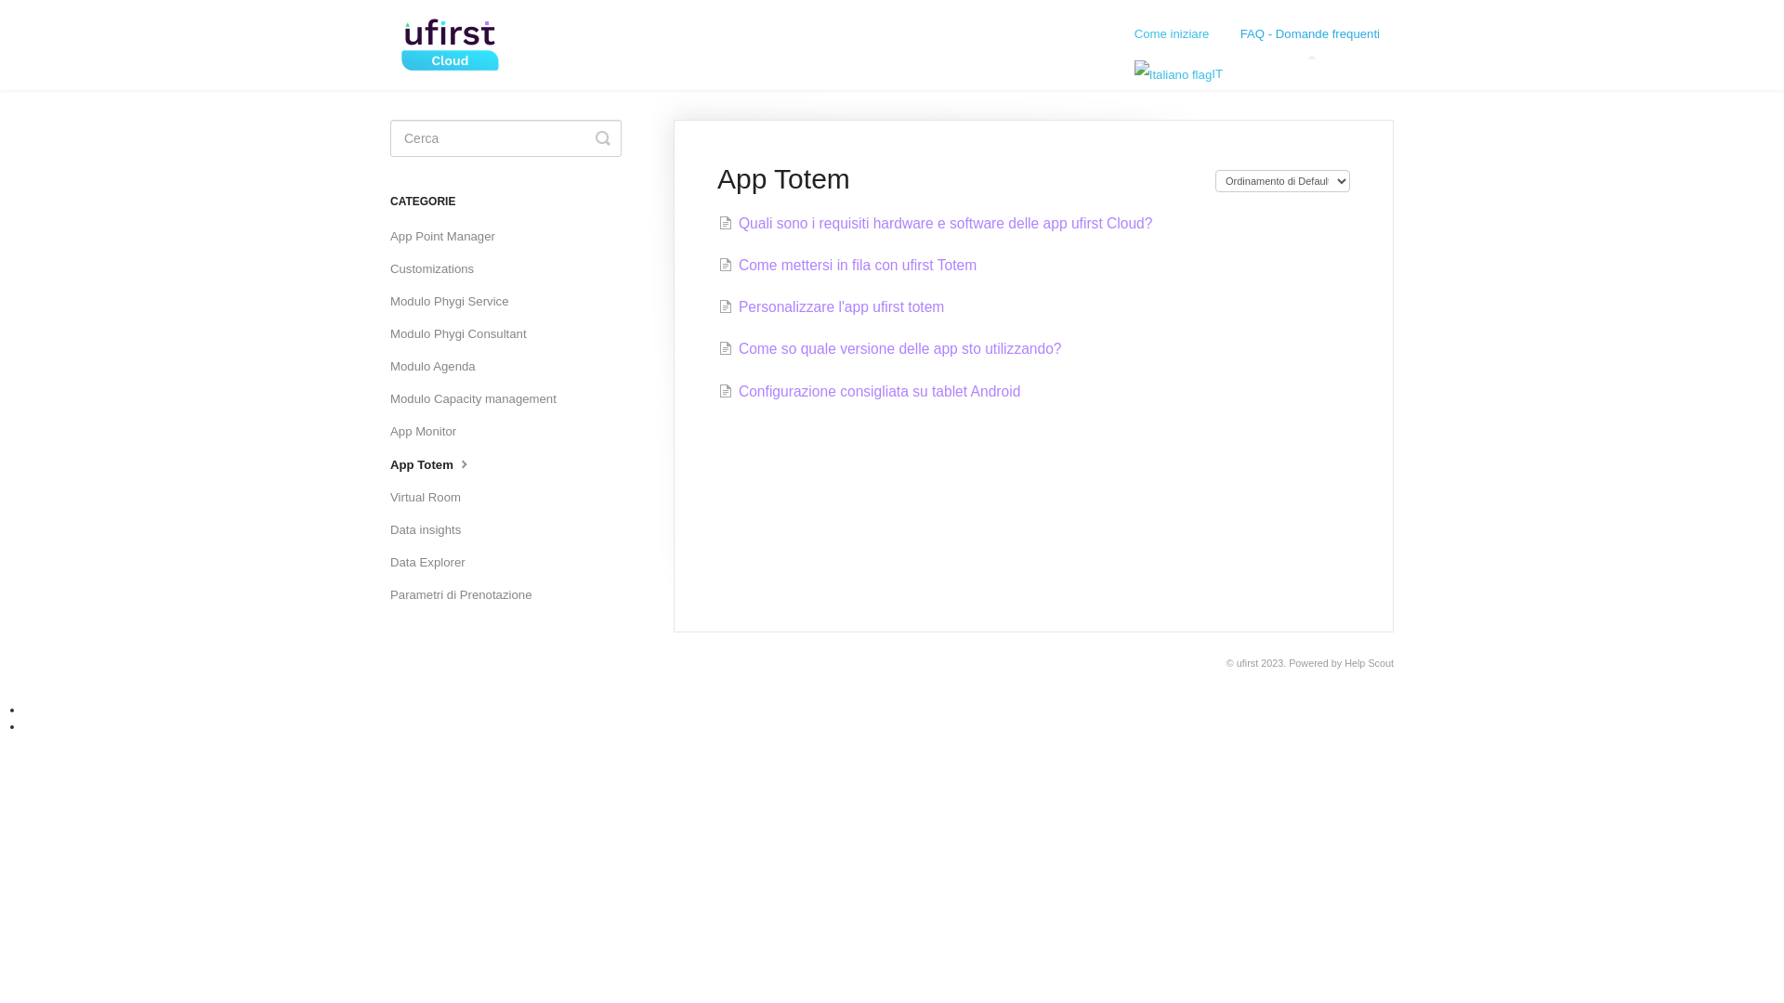  Describe the element at coordinates (830, 306) in the screenshot. I see `'Personalizzare l'app ufirst totem'` at that location.